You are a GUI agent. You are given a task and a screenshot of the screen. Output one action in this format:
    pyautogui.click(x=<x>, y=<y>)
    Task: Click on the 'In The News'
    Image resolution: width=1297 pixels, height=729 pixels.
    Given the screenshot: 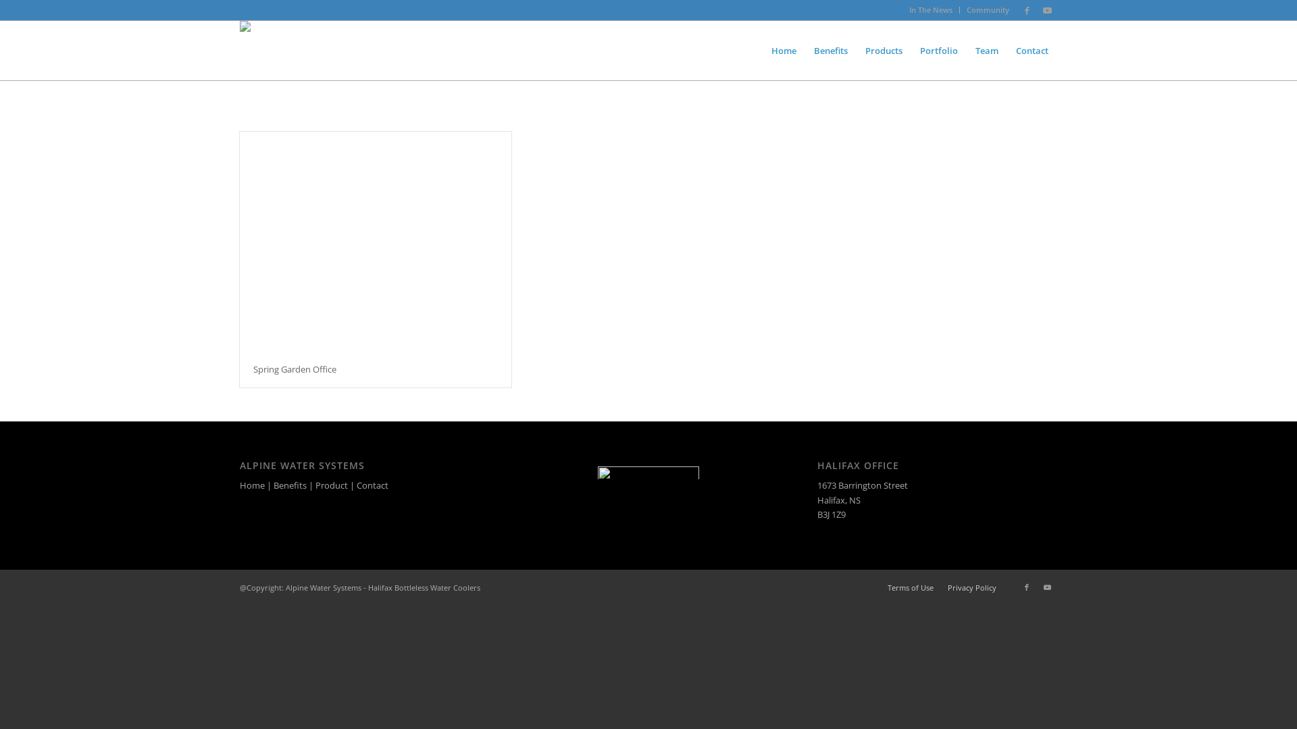 What is the action you would take?
    pyautogui.click(x=909, y=9)
    